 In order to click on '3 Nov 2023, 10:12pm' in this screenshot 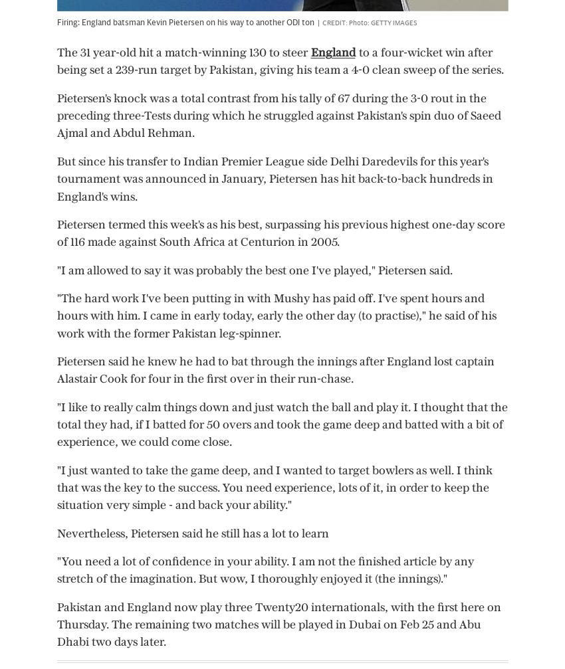, I will do `click(417, 440)`.